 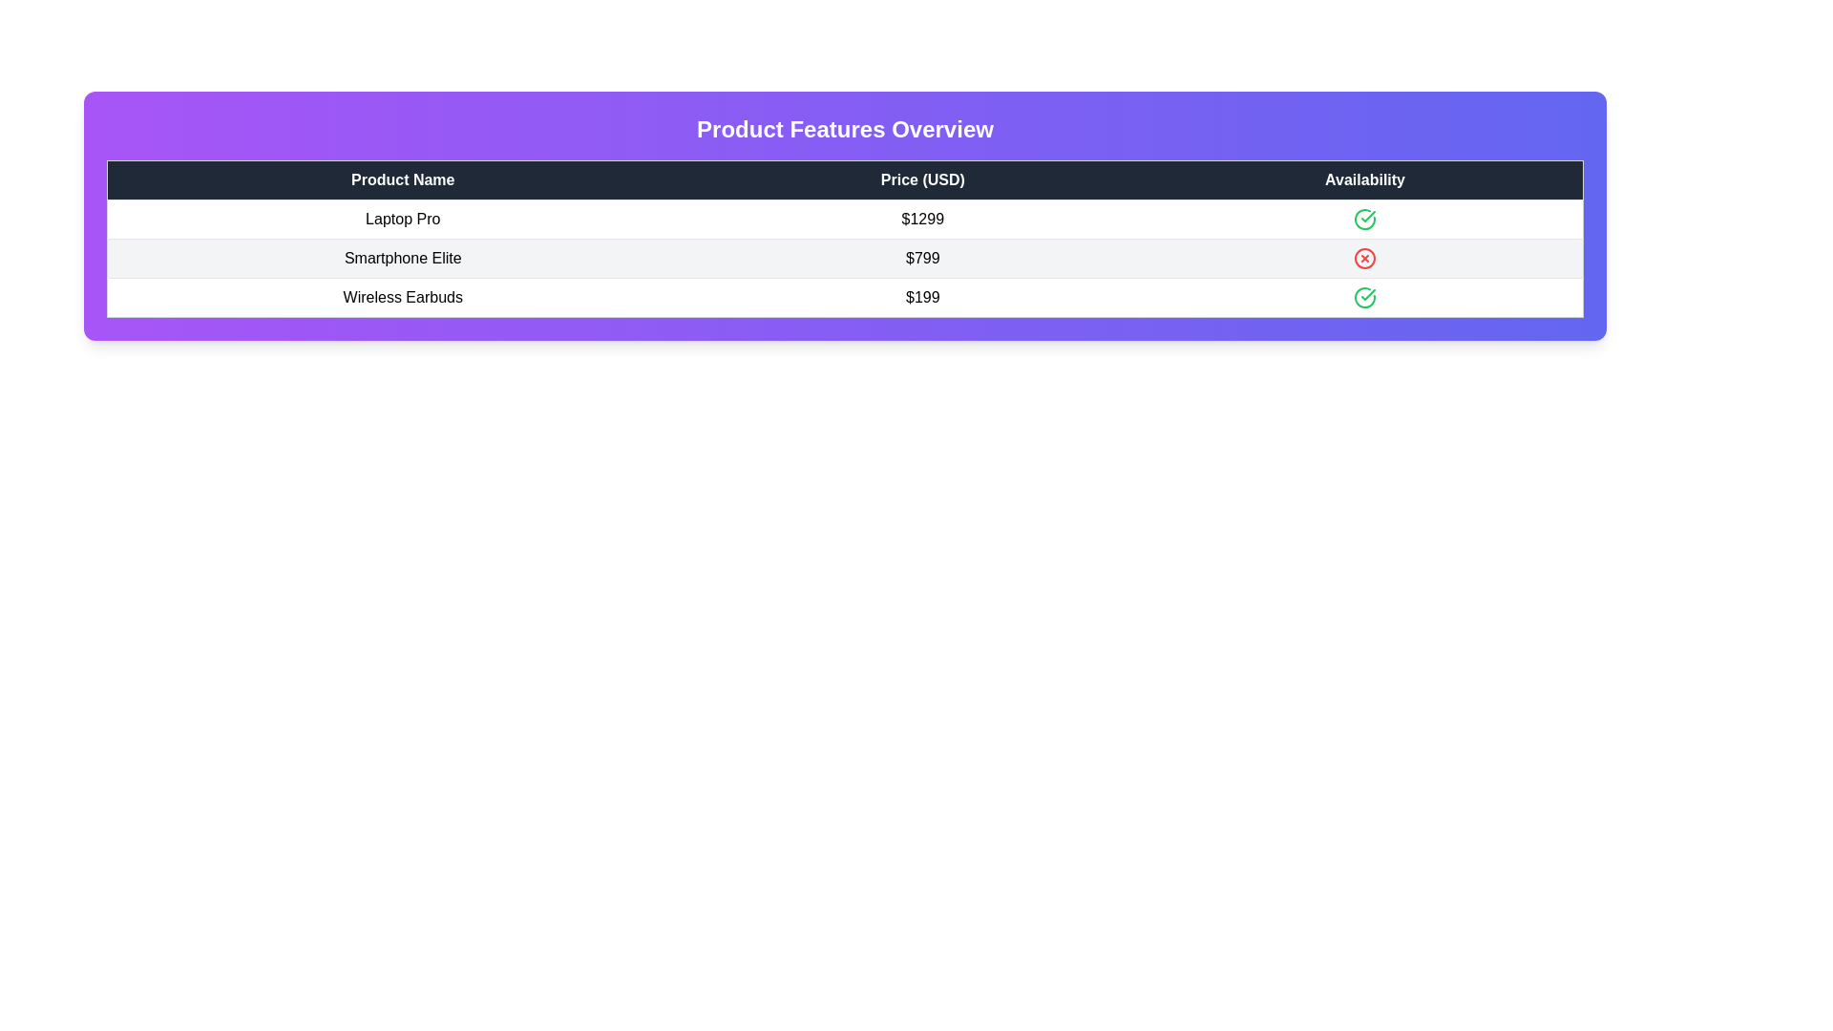 I want to click on the availability status icon for the 'Laptop Pro' product, which indicates a positive status in the first row of the availability category, so click(x=1364, y=219).